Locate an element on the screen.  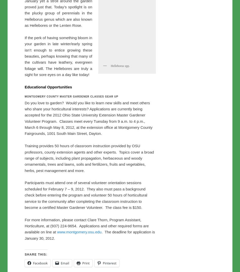
'Uncategorized' is located at coordinates (48, 39).